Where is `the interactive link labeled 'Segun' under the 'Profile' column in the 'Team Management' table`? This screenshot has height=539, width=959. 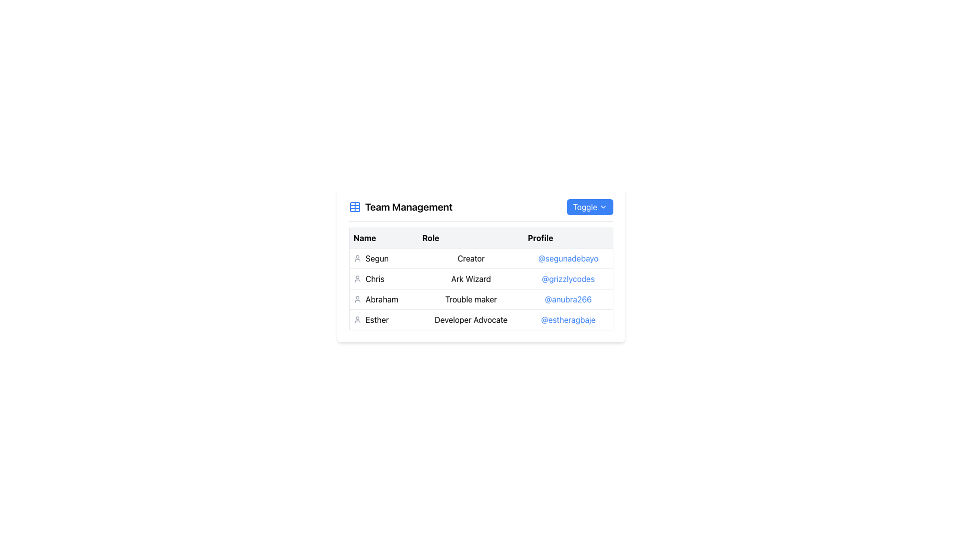
the interactive link labeled 'Segun' under the 'Profile' column in the 'Team Management' table is located at coordinates (568, 258).